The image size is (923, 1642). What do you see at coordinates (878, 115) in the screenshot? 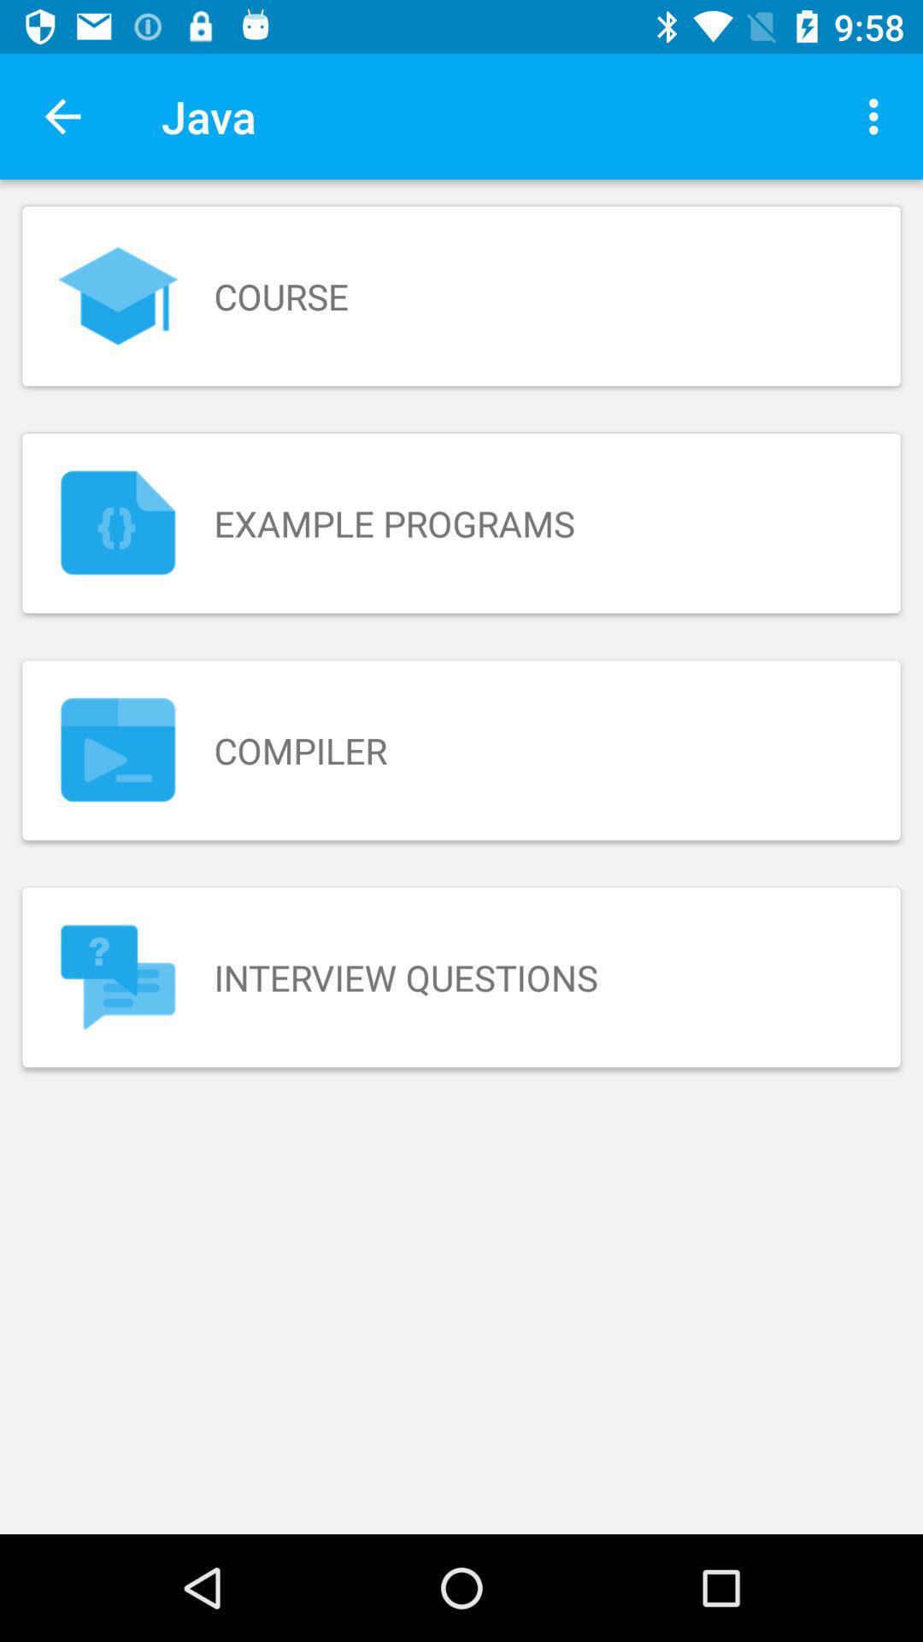
I see `icon at the top right corner` at bounding box center [878, 115].